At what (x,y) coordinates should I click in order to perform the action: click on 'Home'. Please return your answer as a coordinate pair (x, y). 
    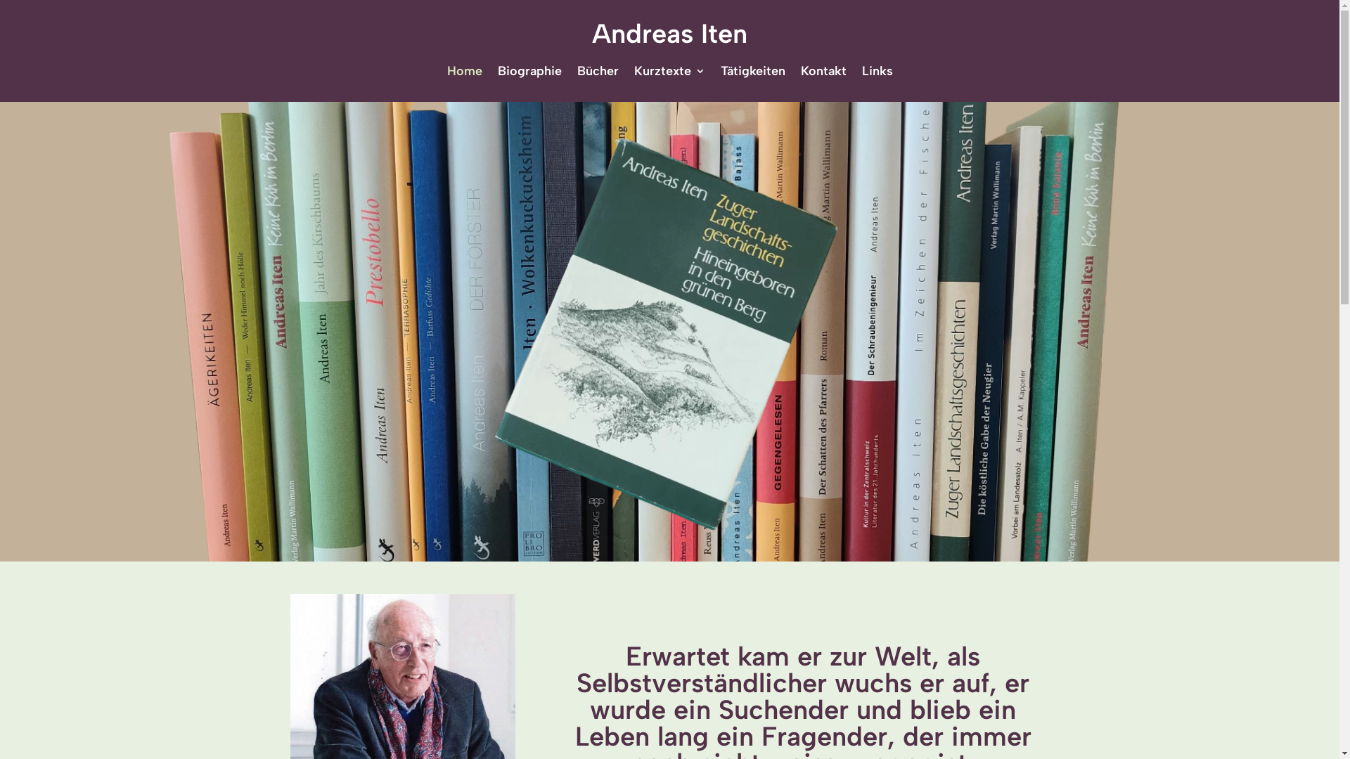
    Looking at the image, I should click on (465, 73).